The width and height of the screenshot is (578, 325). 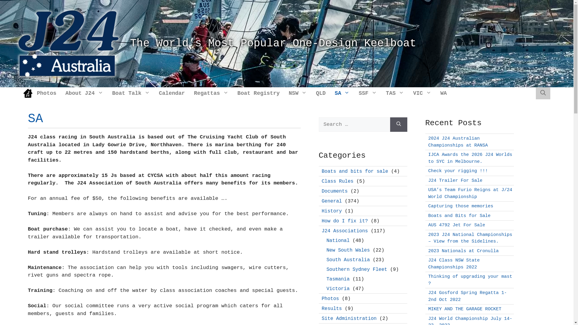 What do you see at coordinates (348, 259) in the screenshot?
I see `'South Australia'` at bounding box center [348, 259].